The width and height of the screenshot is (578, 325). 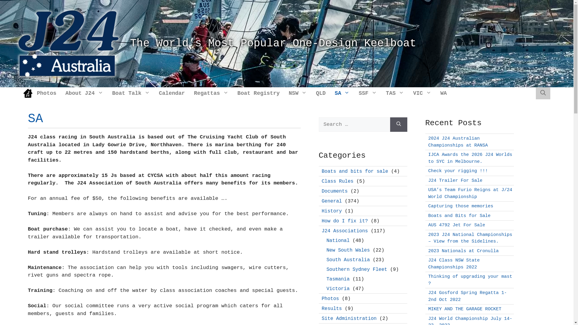 What do you see at coordinates (348, 259) in the screenshot?
I see `'South Australia'` at bounding box center [348, 259].